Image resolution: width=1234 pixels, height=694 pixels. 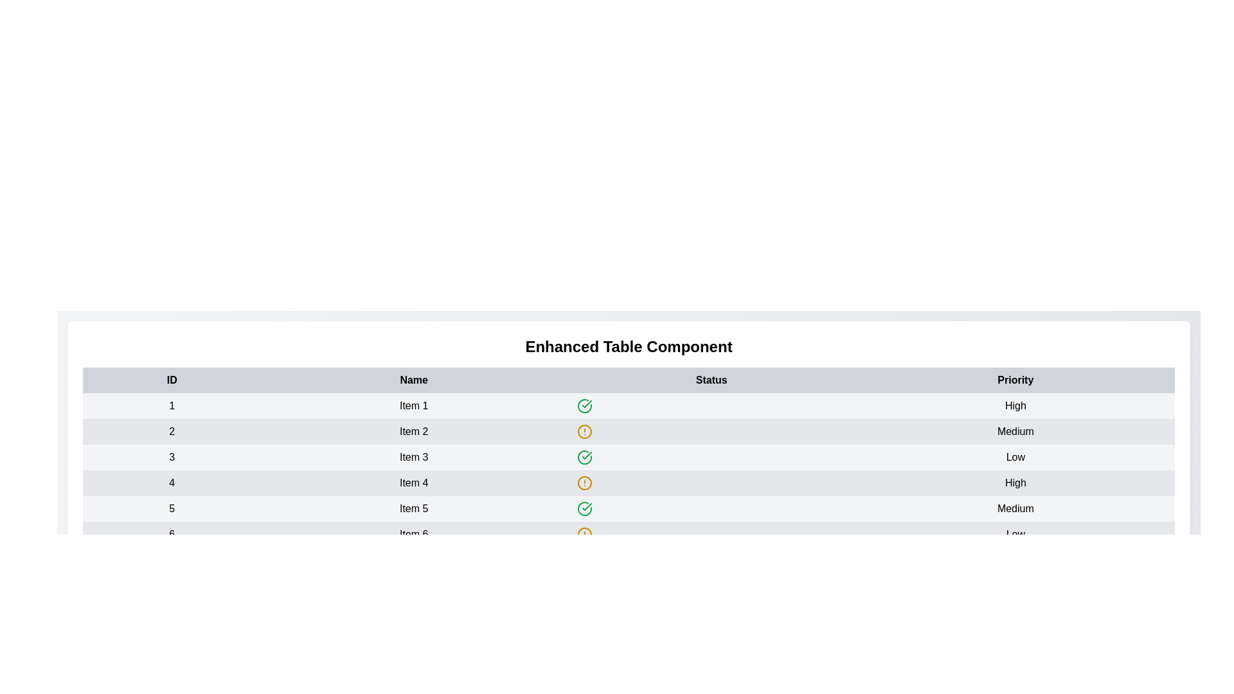 What do you see at coordinates (171, 379) in the screenshot?
I see `the ID table header to sort the data` at bounding box center [171, 379].